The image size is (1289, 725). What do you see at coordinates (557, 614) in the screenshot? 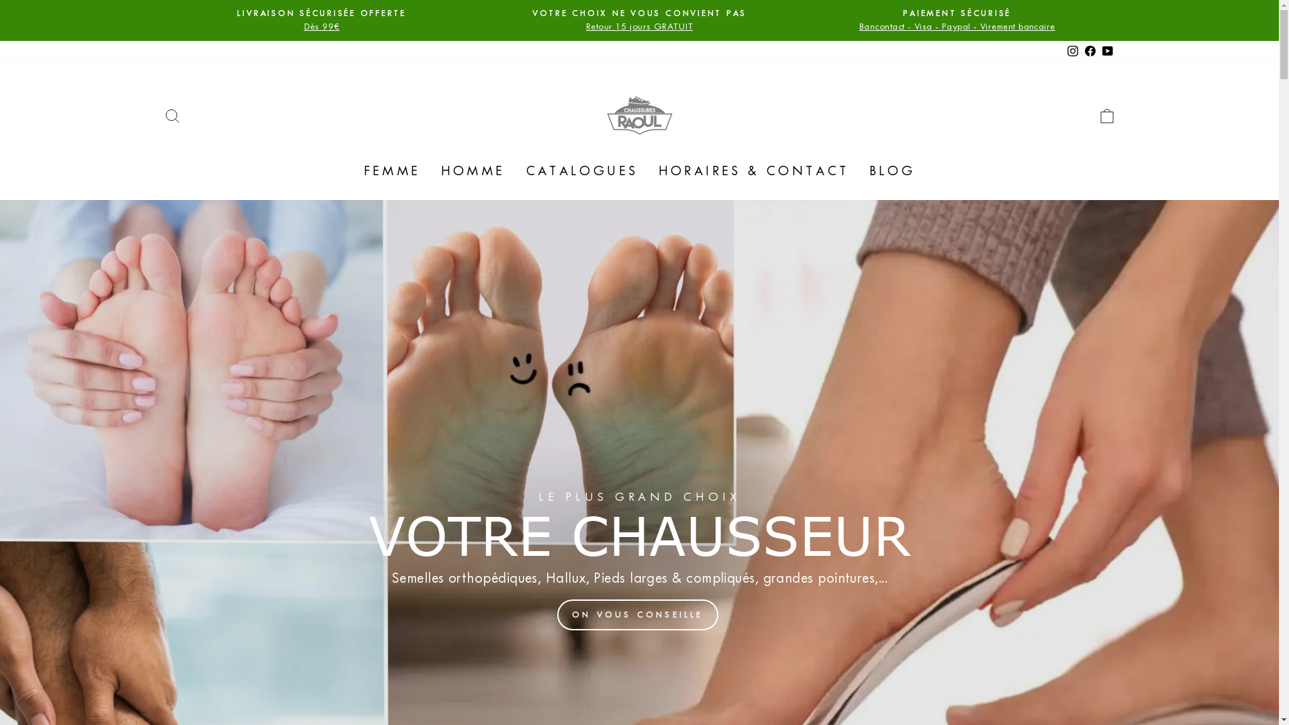
I see `'ON VOUS CONSEILLE'` at bounding box center [557, 614].